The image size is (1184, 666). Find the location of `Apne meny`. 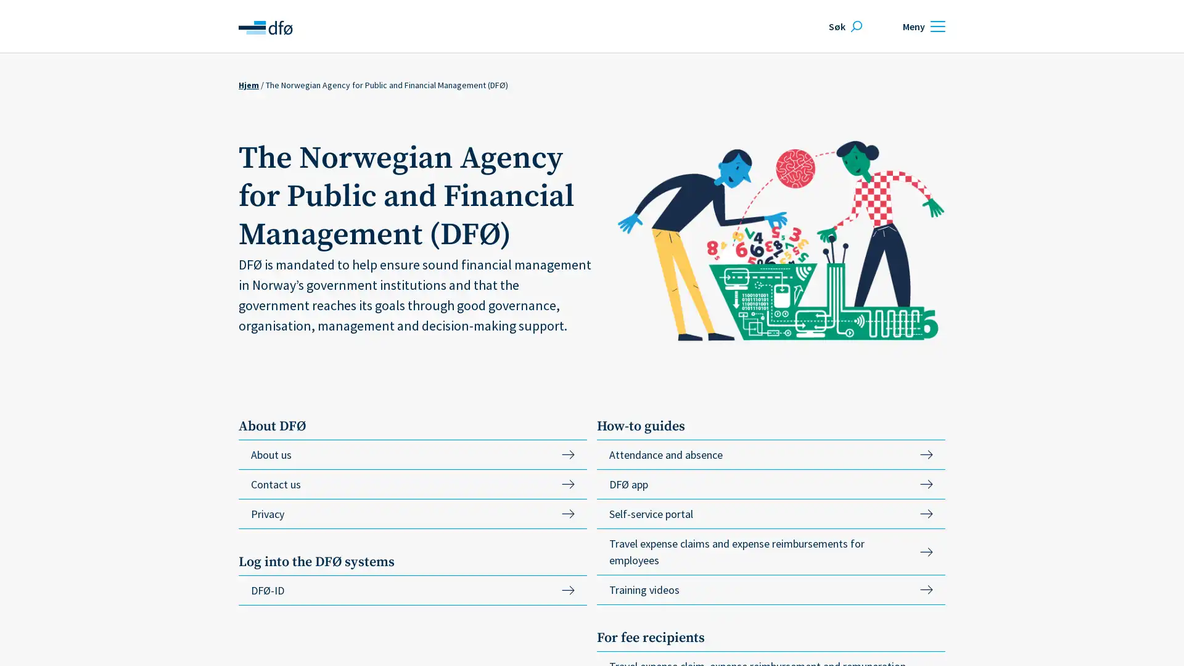

Apne meny is located at coordinates (922, 26).